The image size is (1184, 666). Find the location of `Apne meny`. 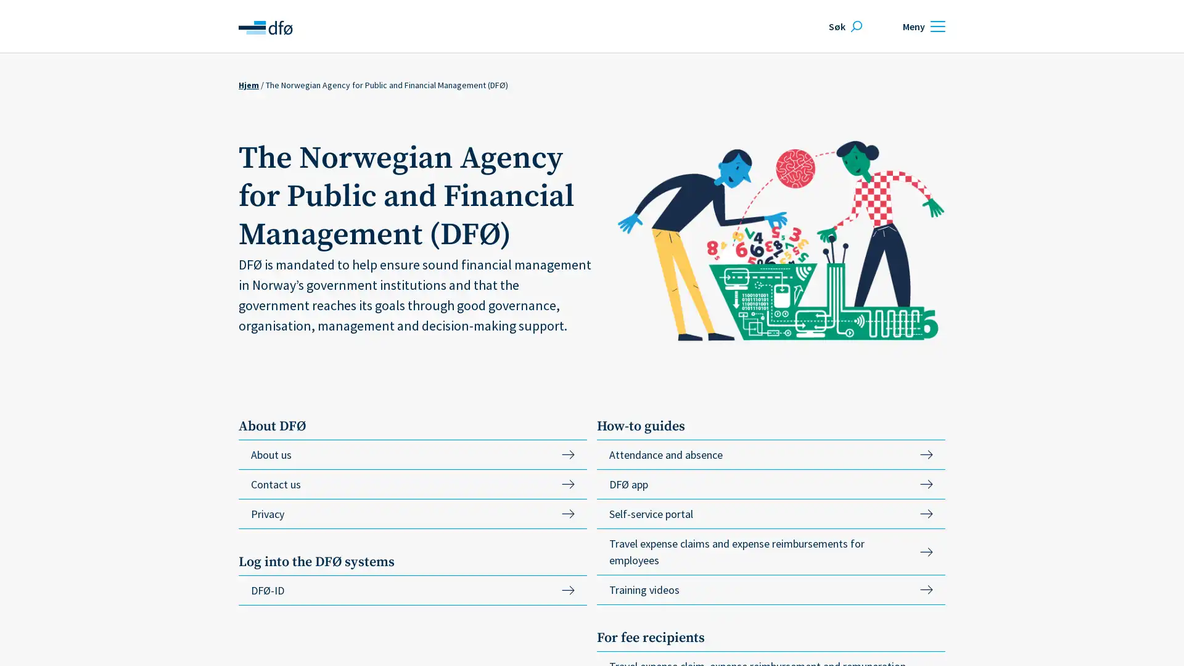

Apne meny is located at coordinates (922, 26).